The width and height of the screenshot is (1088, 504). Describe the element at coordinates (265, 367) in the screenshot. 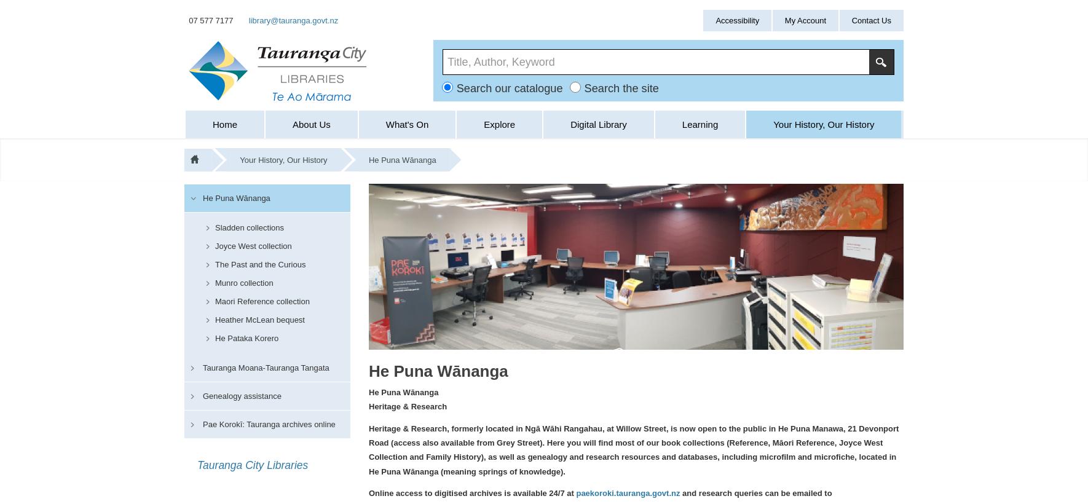

I see `'Tauranga Moana-Tauranga Tangata'` at that location.